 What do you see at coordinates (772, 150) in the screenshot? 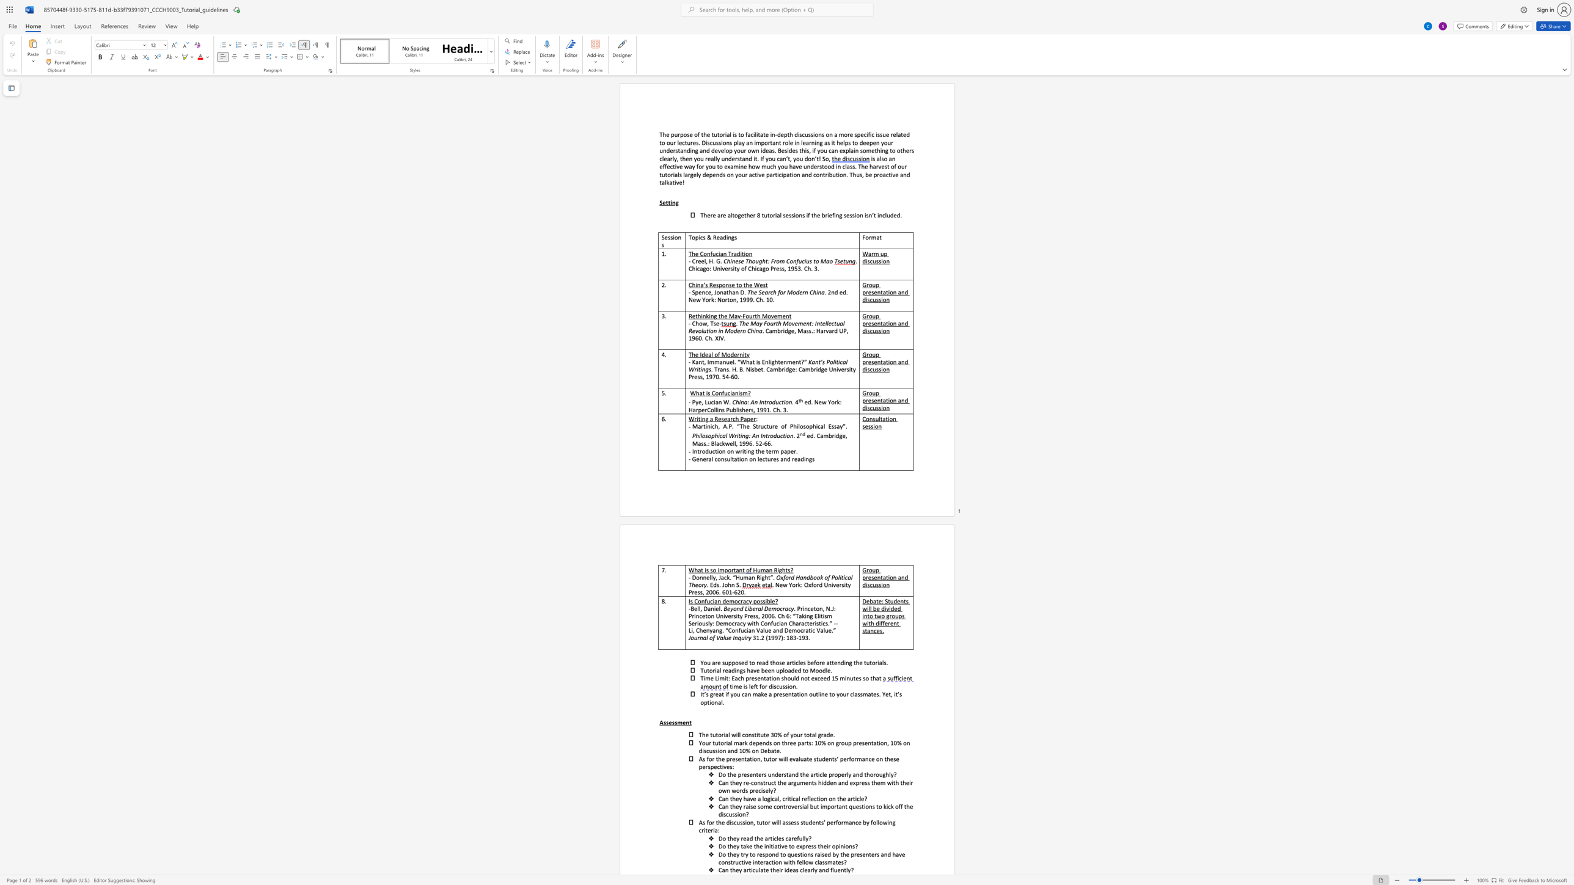
I see `the 4th character "s" in the text` at bounding box center [772, 150].